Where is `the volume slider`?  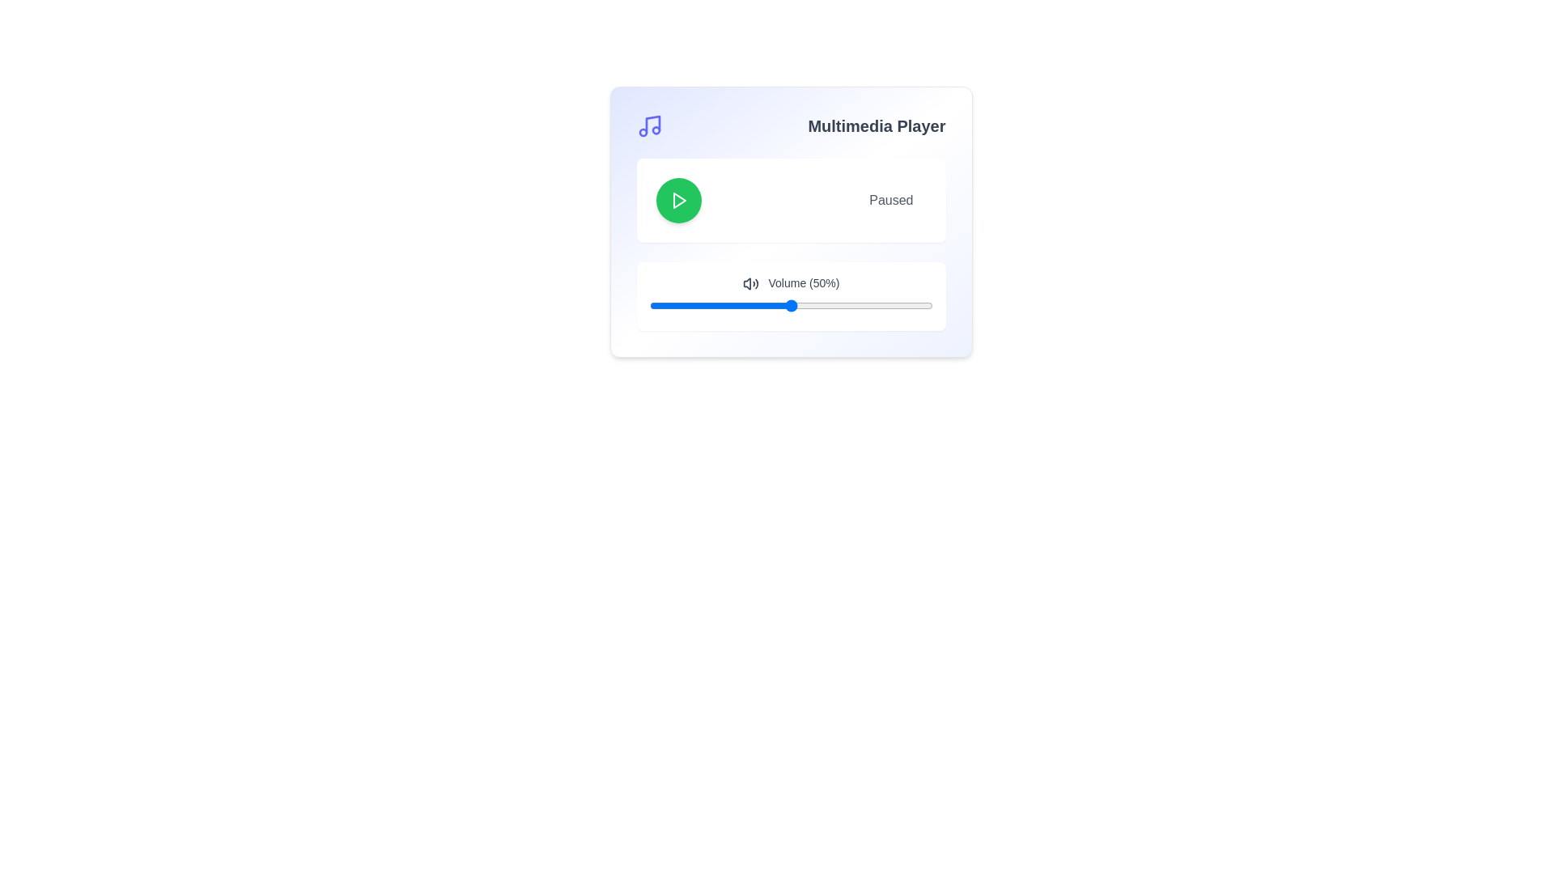
the volume slider is located at coordinates (913, 306).